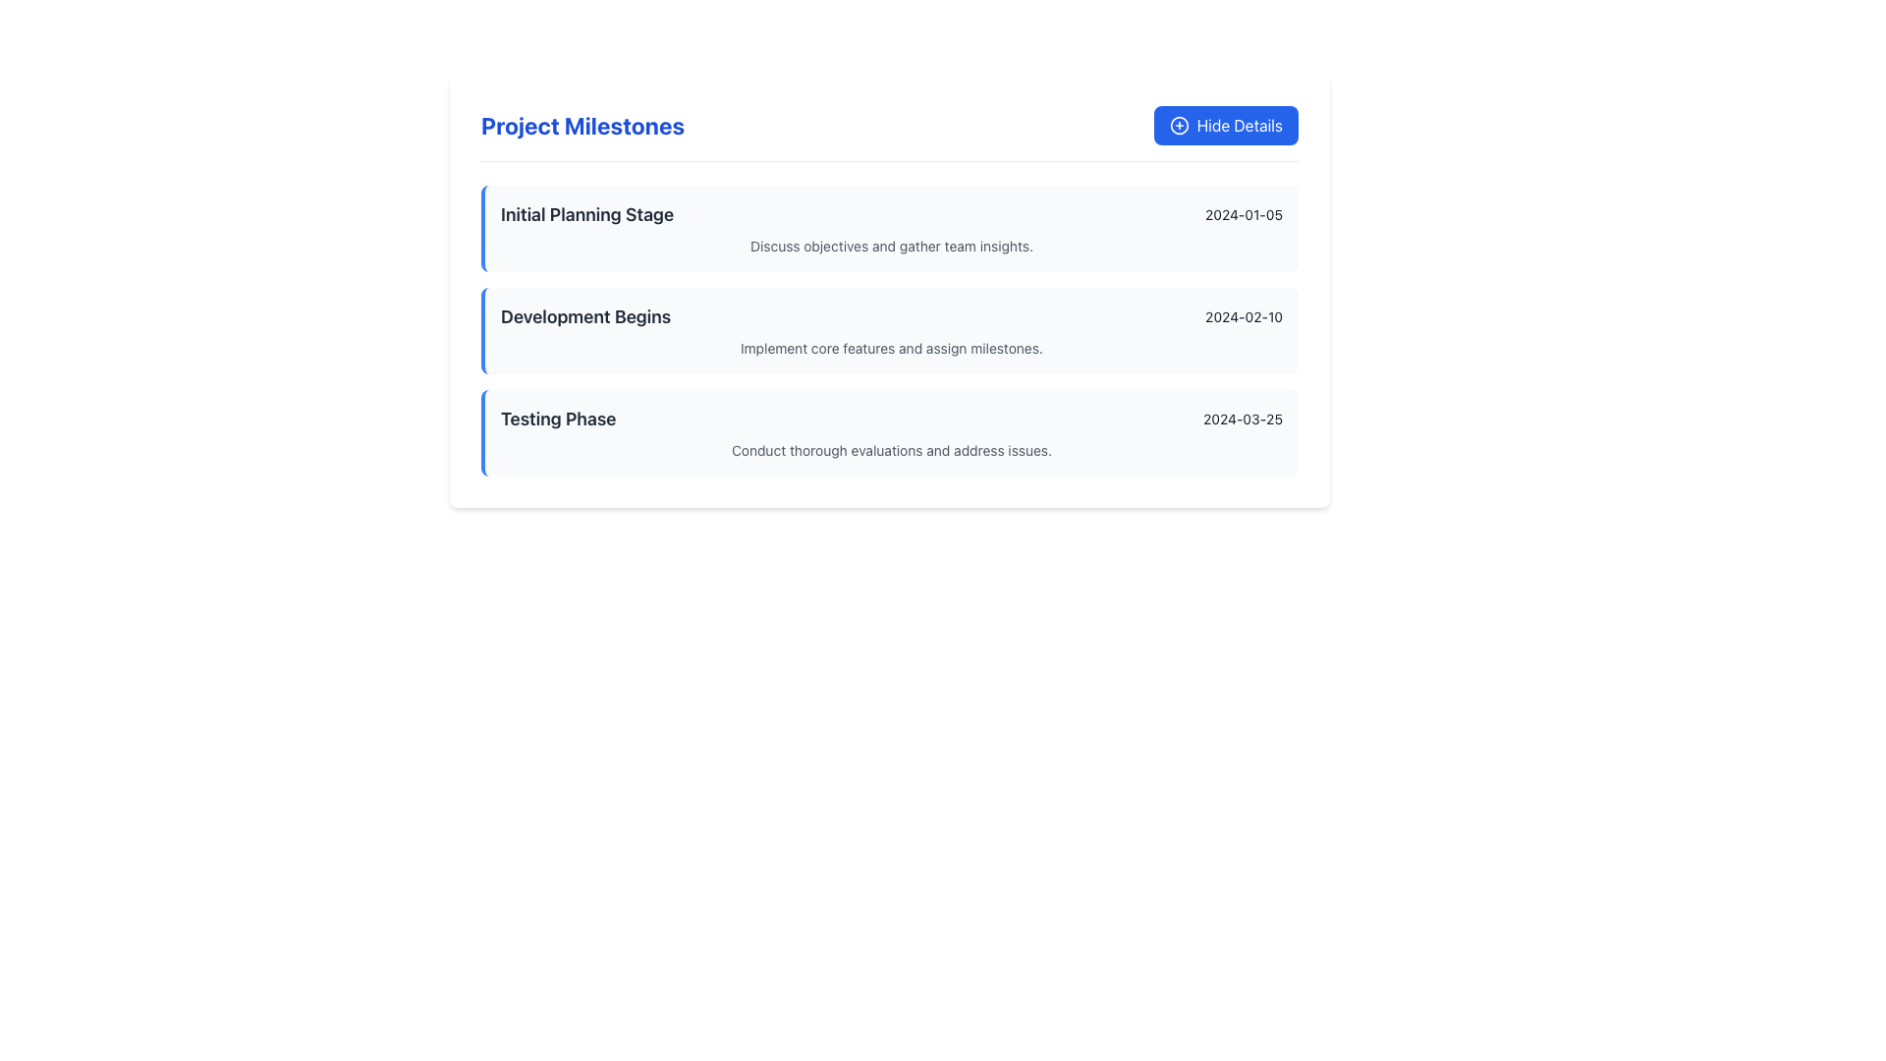 The image size is (1886, 1061). What do you see at coordinates (1242, 419) in the screenshot?
I see `the Text Label indicating the date associated with the 'Testing Phase' milestone, located in the last row of the milestones list, aligned to the right within its row` at bounding box center [1242, 419].